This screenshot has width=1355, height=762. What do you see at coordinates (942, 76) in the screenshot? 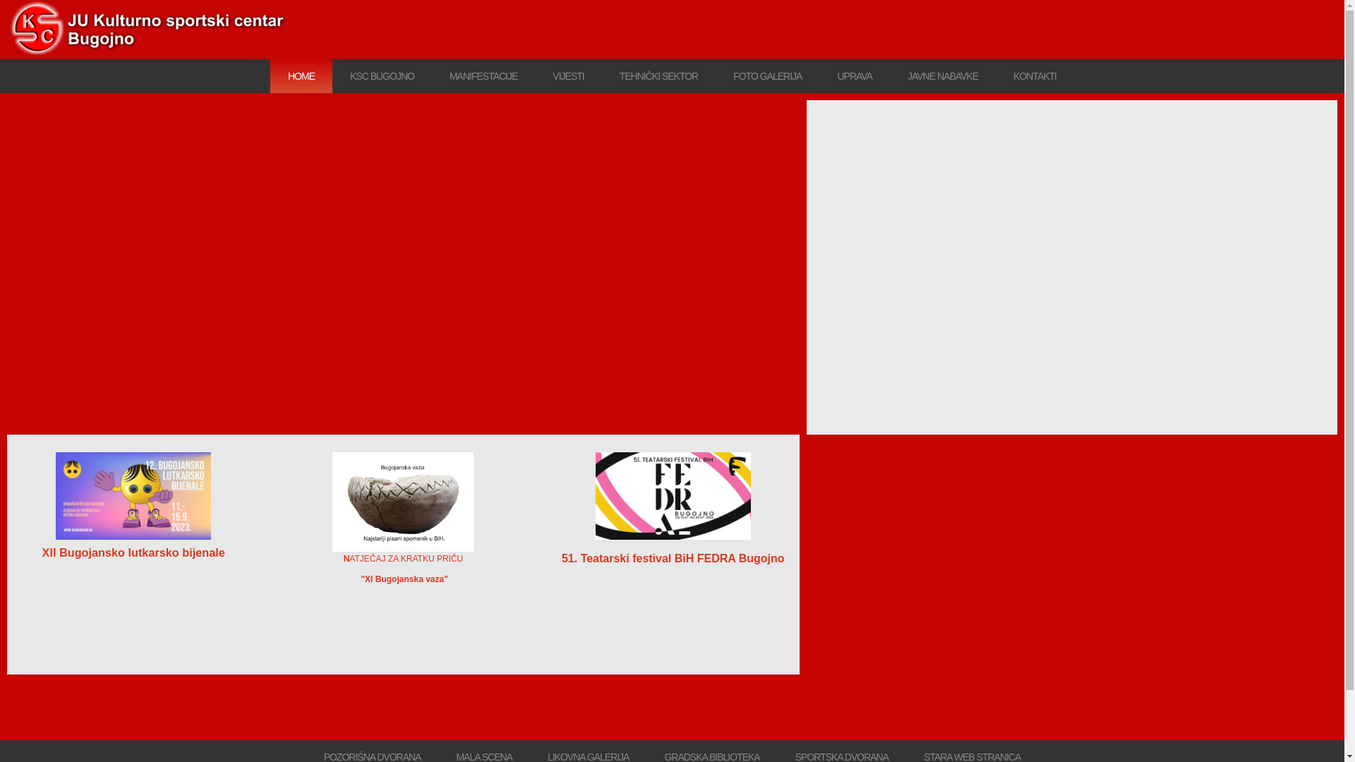
I see `'JAVNE NABAVKE'` at bounding box center [942, 76].